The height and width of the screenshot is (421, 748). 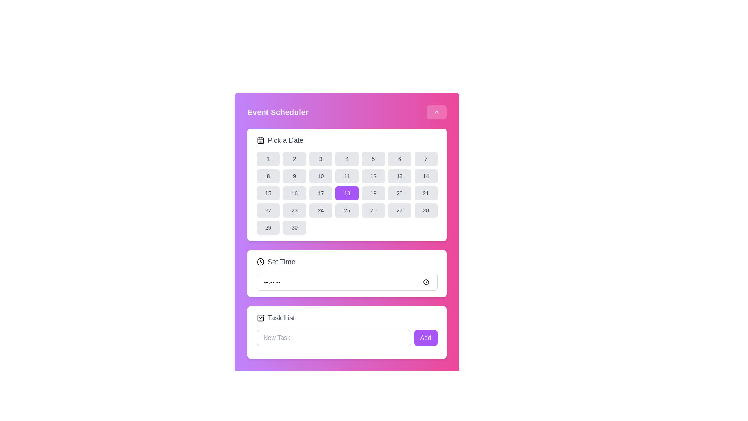 I want to click on the upward-pointing chevron icon with a white stroke on a pink background, located at the top-right corner above the calendar and to the right of the 'Event Scheduler' title, so click(x=437, y=112).